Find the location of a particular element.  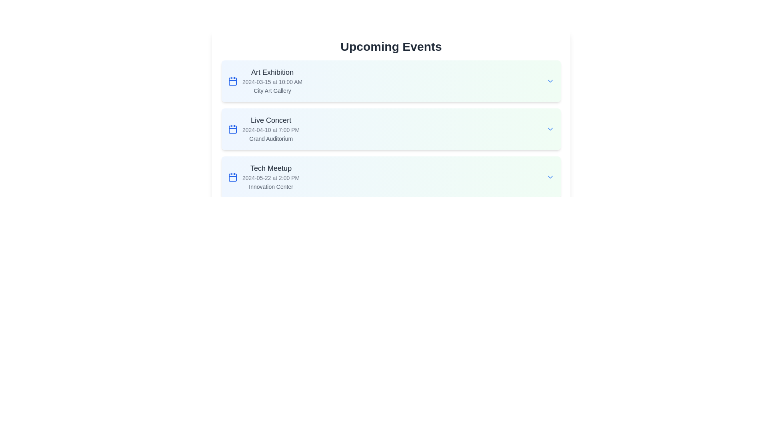

the details of the event titled 'Live Concert' located in the second position of the event list, which includes the date '2024-04-10 at 7:00 PM' and the location 'Grand Auditorium' is located at coordinates (264, 129).